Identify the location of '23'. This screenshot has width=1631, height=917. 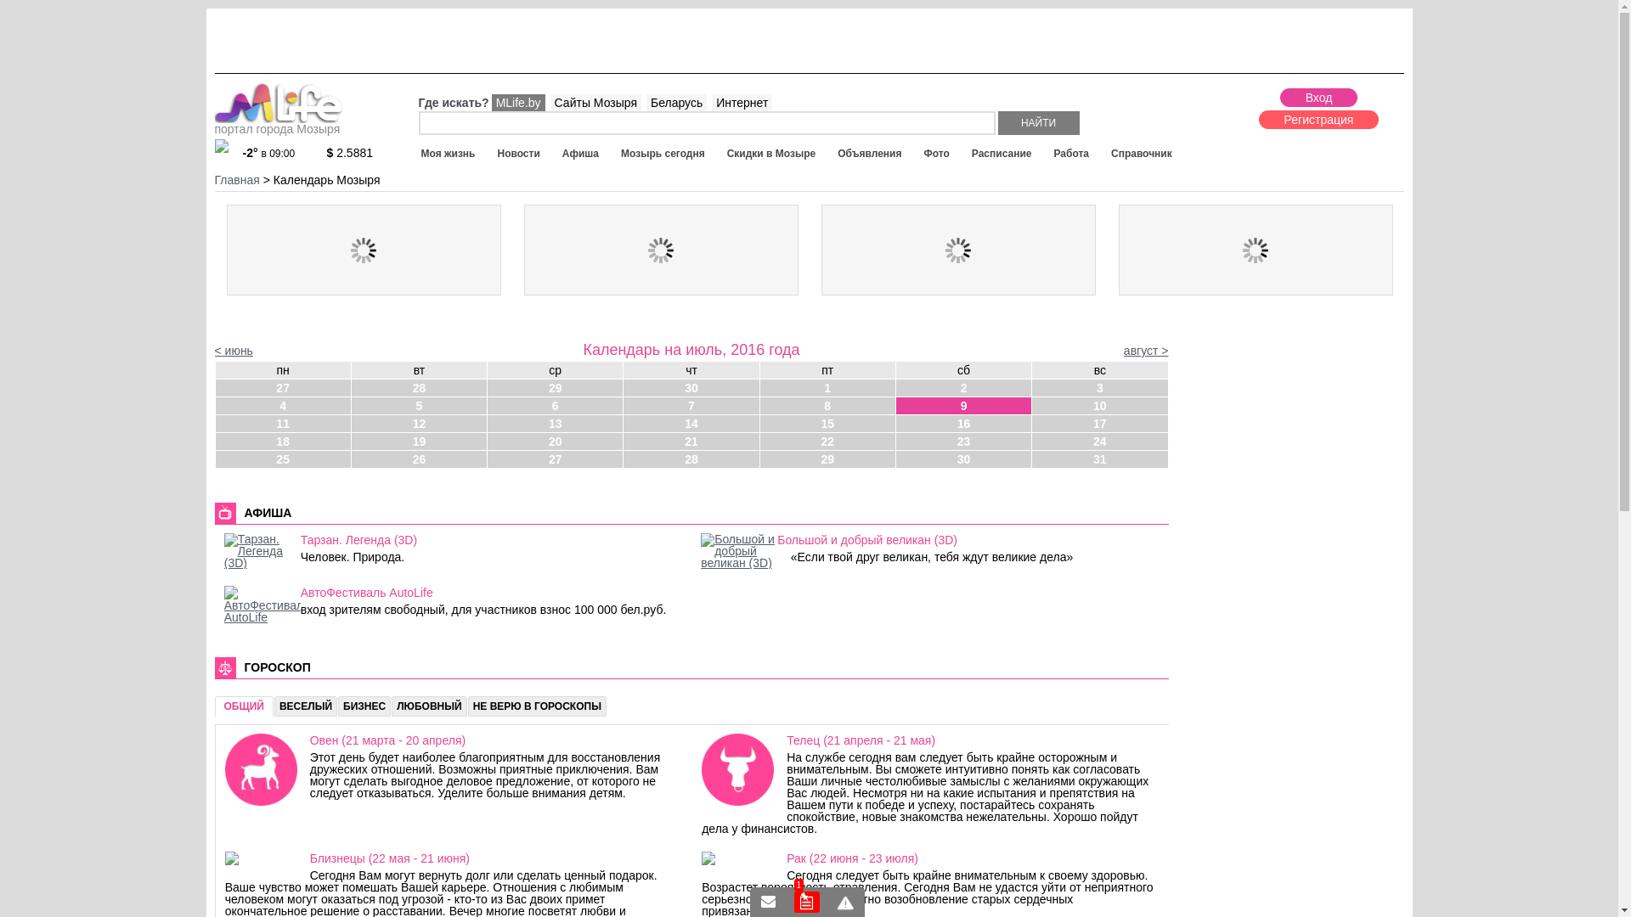
(963, 441).